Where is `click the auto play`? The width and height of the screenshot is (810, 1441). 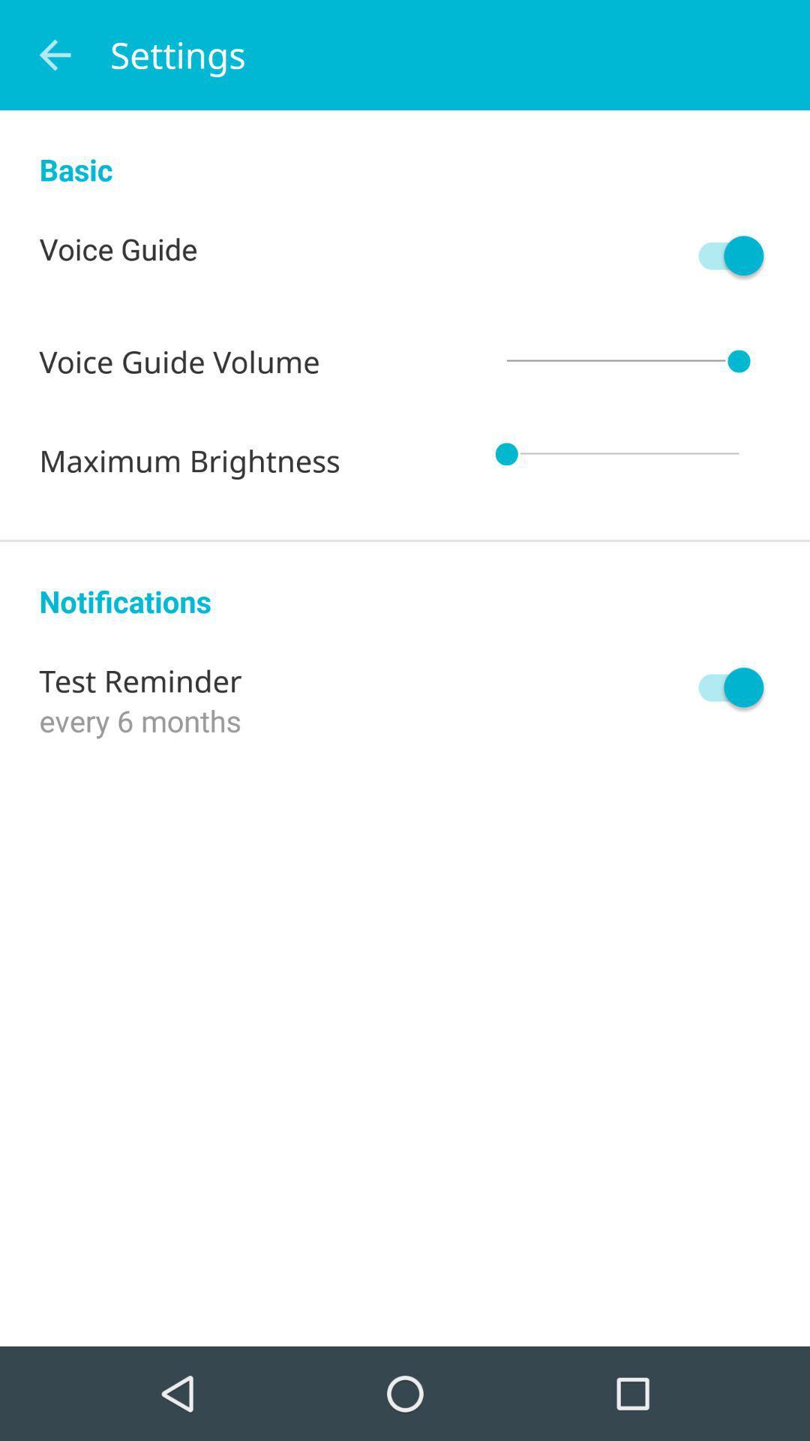 click the auto play is located at coordinates (723, 687).